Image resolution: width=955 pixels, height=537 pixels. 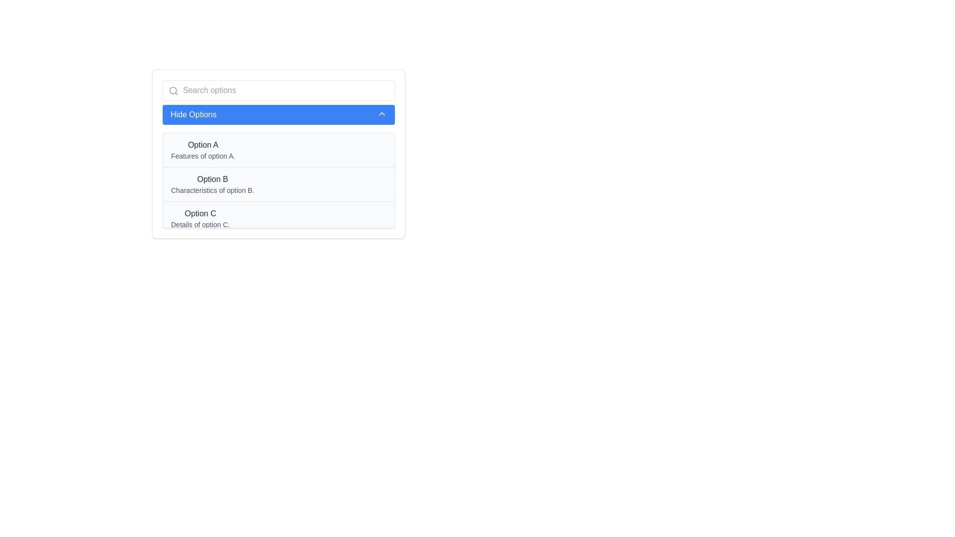 What do you see at coordinates (382, 113) in the screenshot?
I see `the upward-pointing chevron icon, which is located at the right end of the blue 'Hide Options' button in the second row of the interface to interact with the button functionality` at bounding box center [382, 113].